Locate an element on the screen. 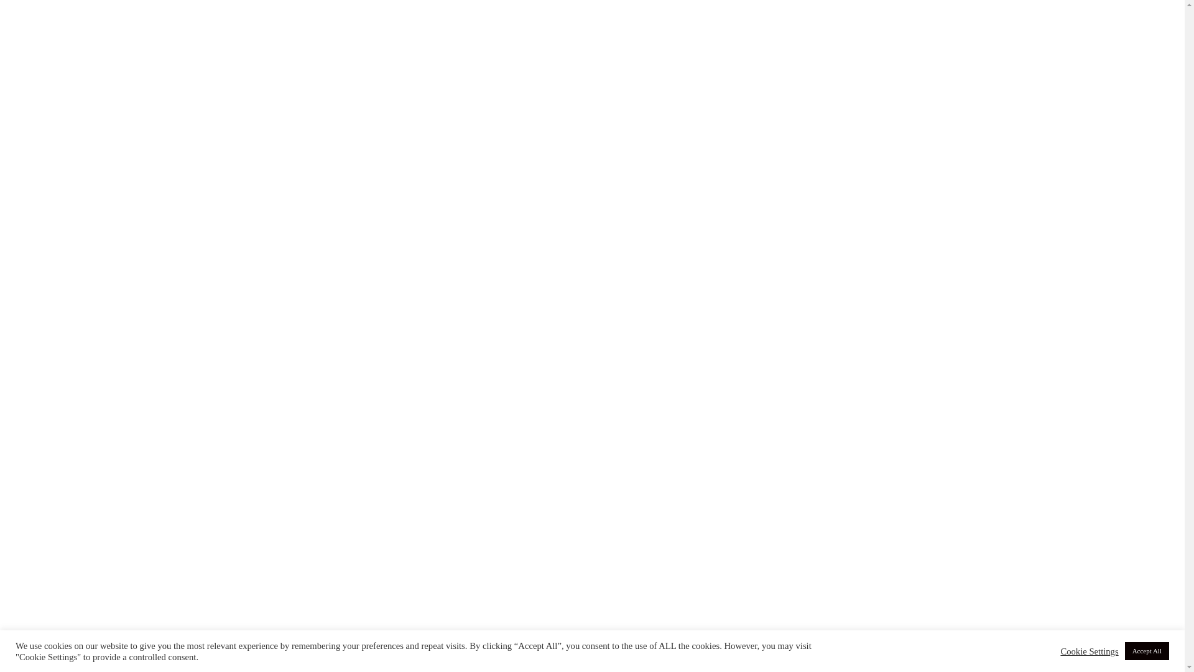 This screenshot has width=1194, height=672. 'Accept All' is located at coordinates (1146, 650).